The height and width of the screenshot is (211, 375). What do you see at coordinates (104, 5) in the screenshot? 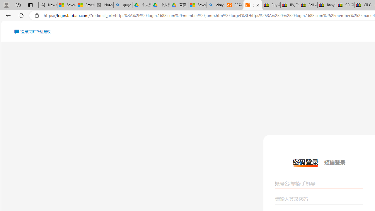
I see `'Nordace - Summer Adventures 2024'` at bounding box center [104, 5].